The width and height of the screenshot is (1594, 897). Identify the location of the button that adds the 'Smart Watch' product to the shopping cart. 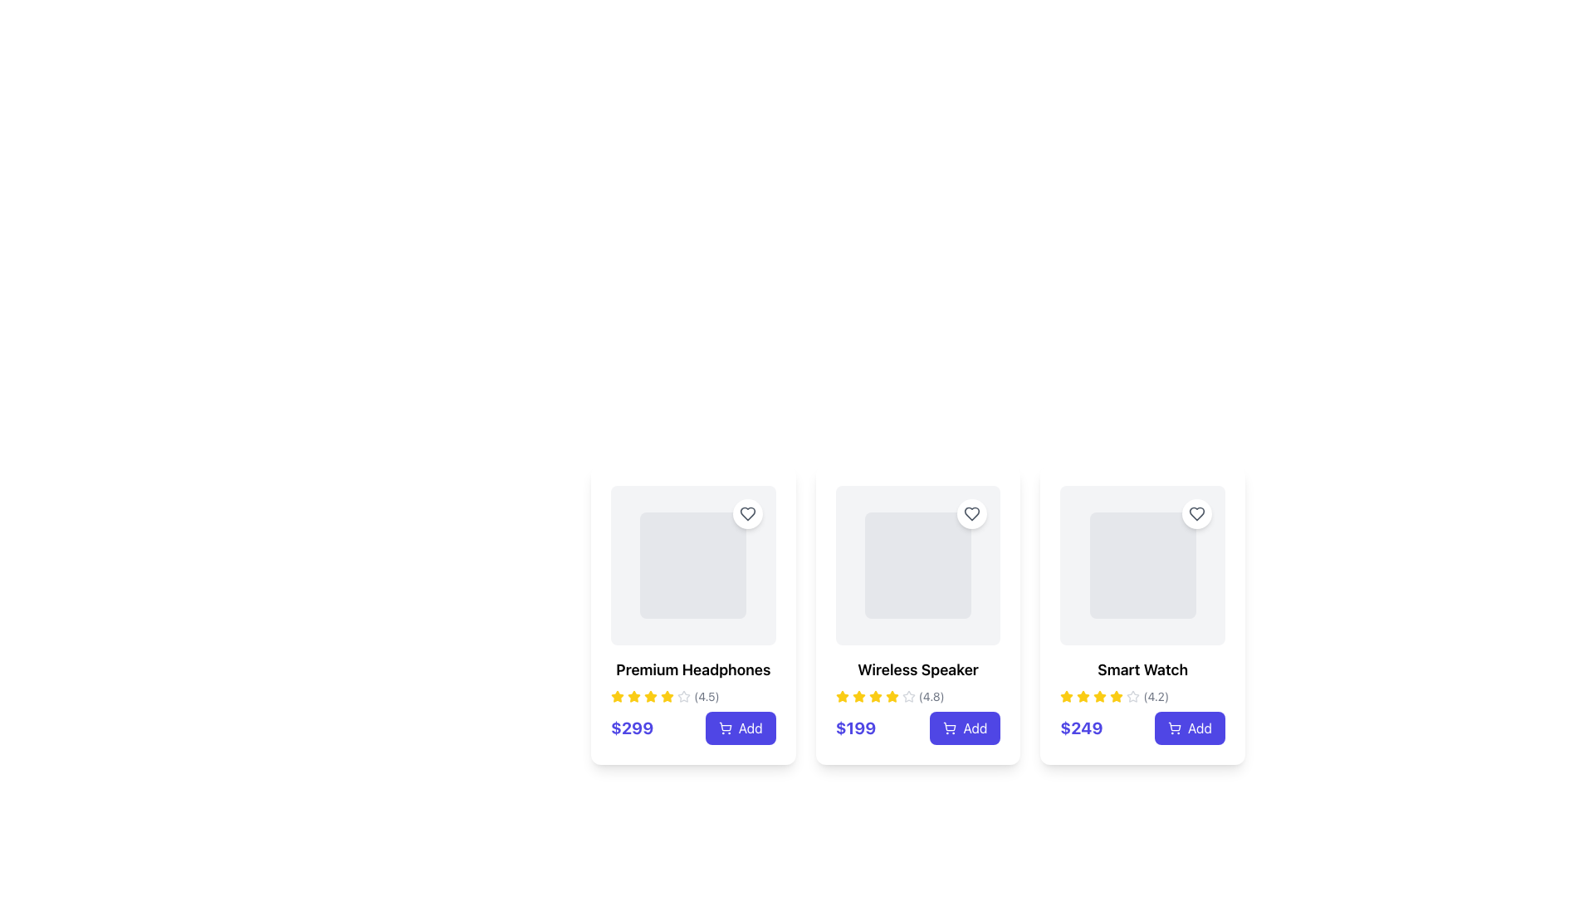
(1189, 727).